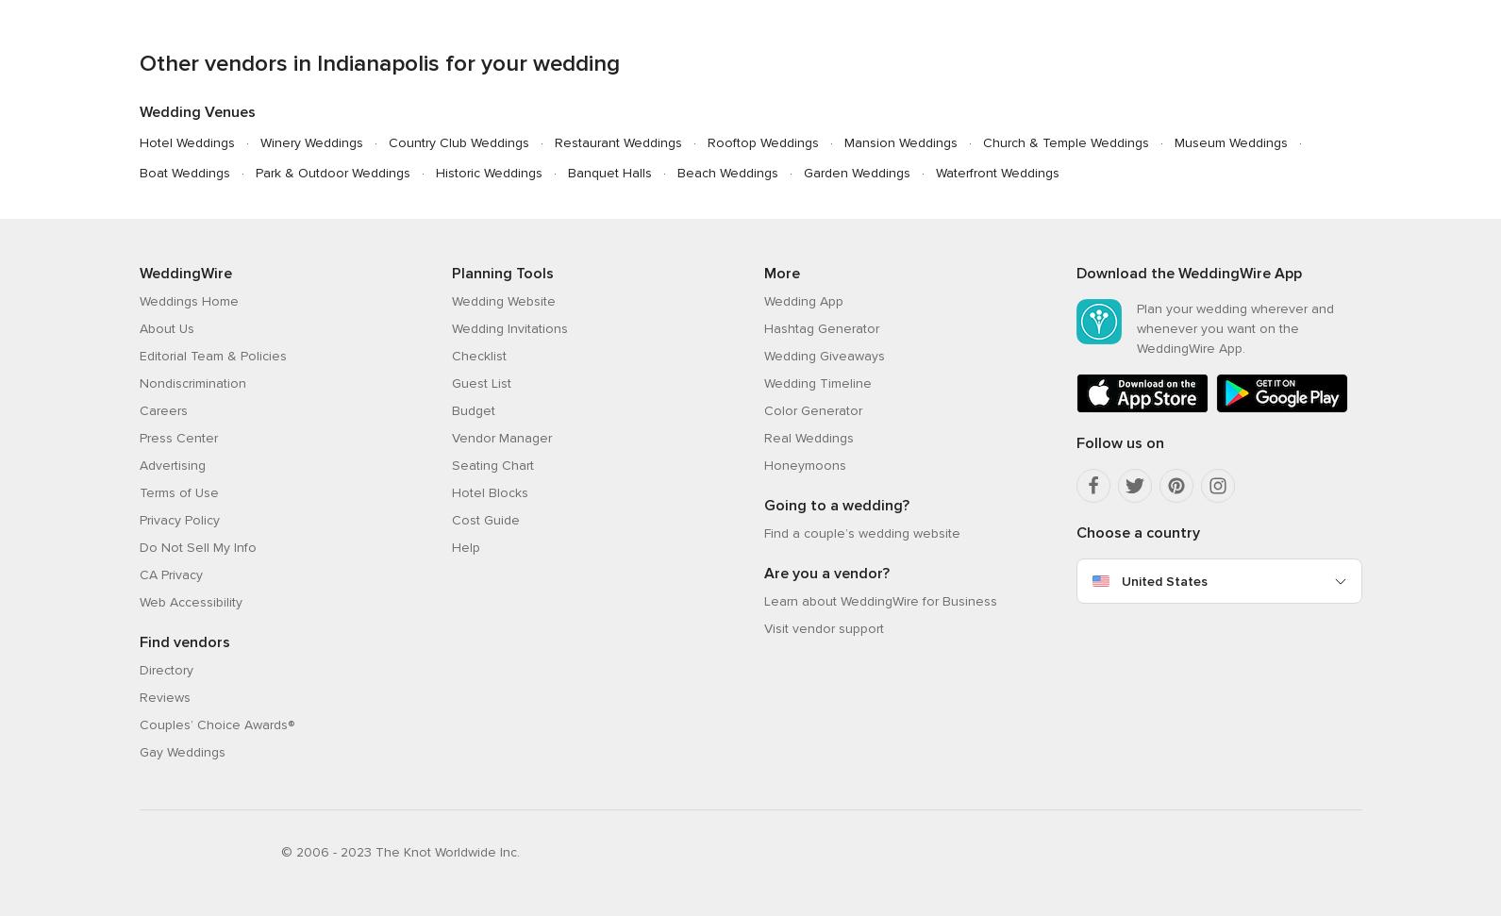  Describe the element at coordinates (1229, 142) in the screenshot. I see `'Museum Weddings'` at that location.